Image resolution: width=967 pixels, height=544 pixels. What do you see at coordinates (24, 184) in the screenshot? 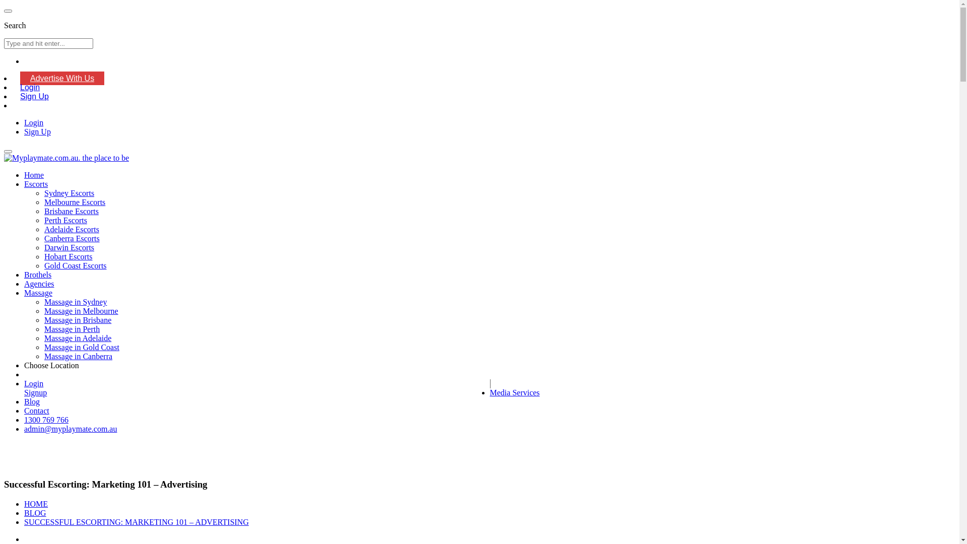
I see `'Escorts'` at bounding box center [24, 184].